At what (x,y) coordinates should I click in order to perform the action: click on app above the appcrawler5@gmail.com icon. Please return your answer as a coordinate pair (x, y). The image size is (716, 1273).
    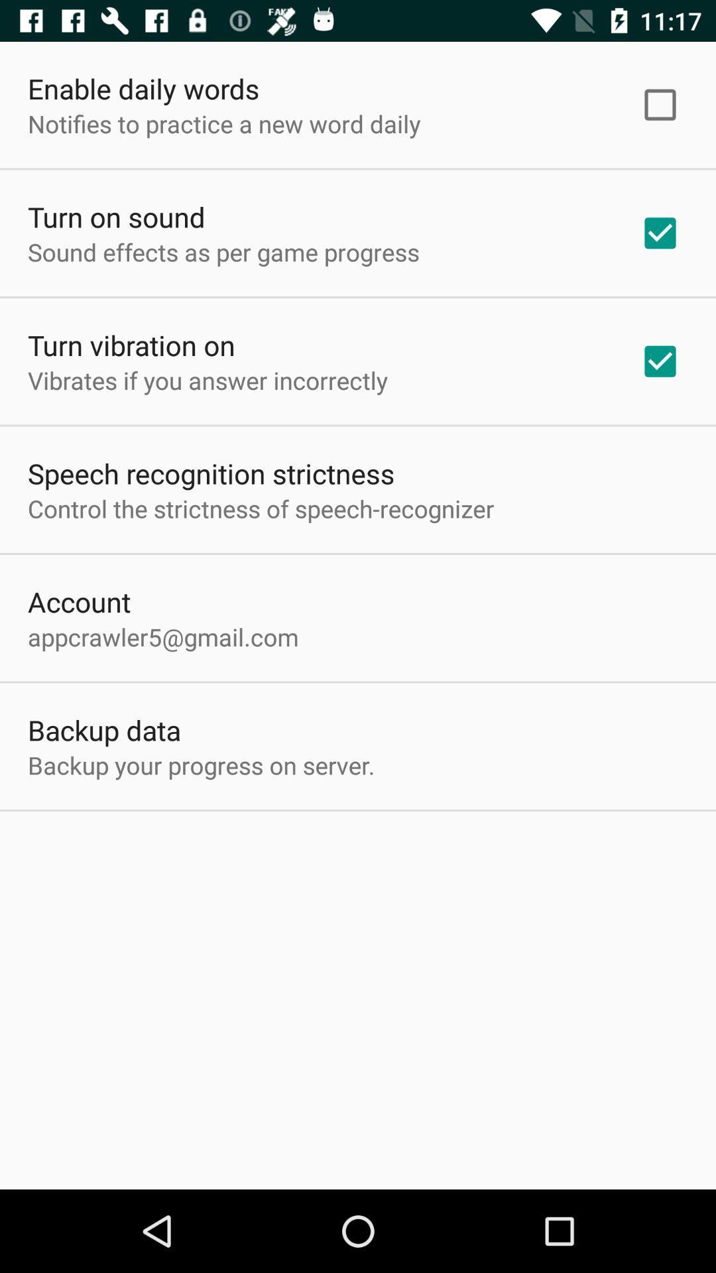
    Looking at the image, I should click on (79, 601).